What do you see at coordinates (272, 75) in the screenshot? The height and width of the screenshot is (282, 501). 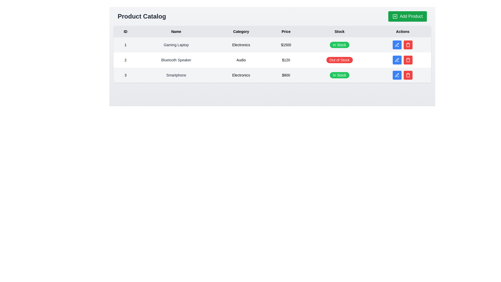 I see `and interpret the product details located in the third row of the product catalog table, which contains information about the product attributes and availability` at bounding box center [272, 75].